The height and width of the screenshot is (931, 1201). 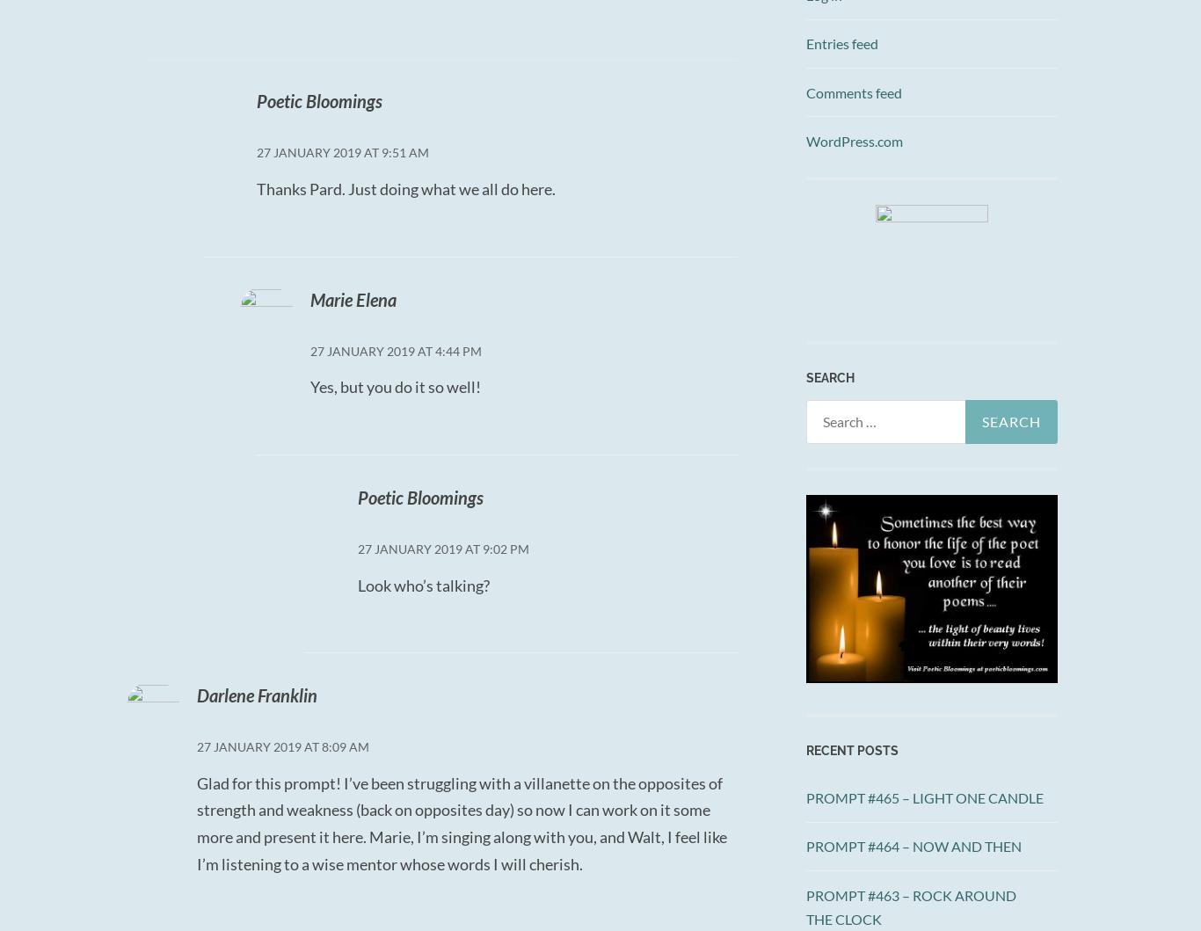 I want to click on '27 January 2019 at 4:44 PM', so click(x=394, y=349).